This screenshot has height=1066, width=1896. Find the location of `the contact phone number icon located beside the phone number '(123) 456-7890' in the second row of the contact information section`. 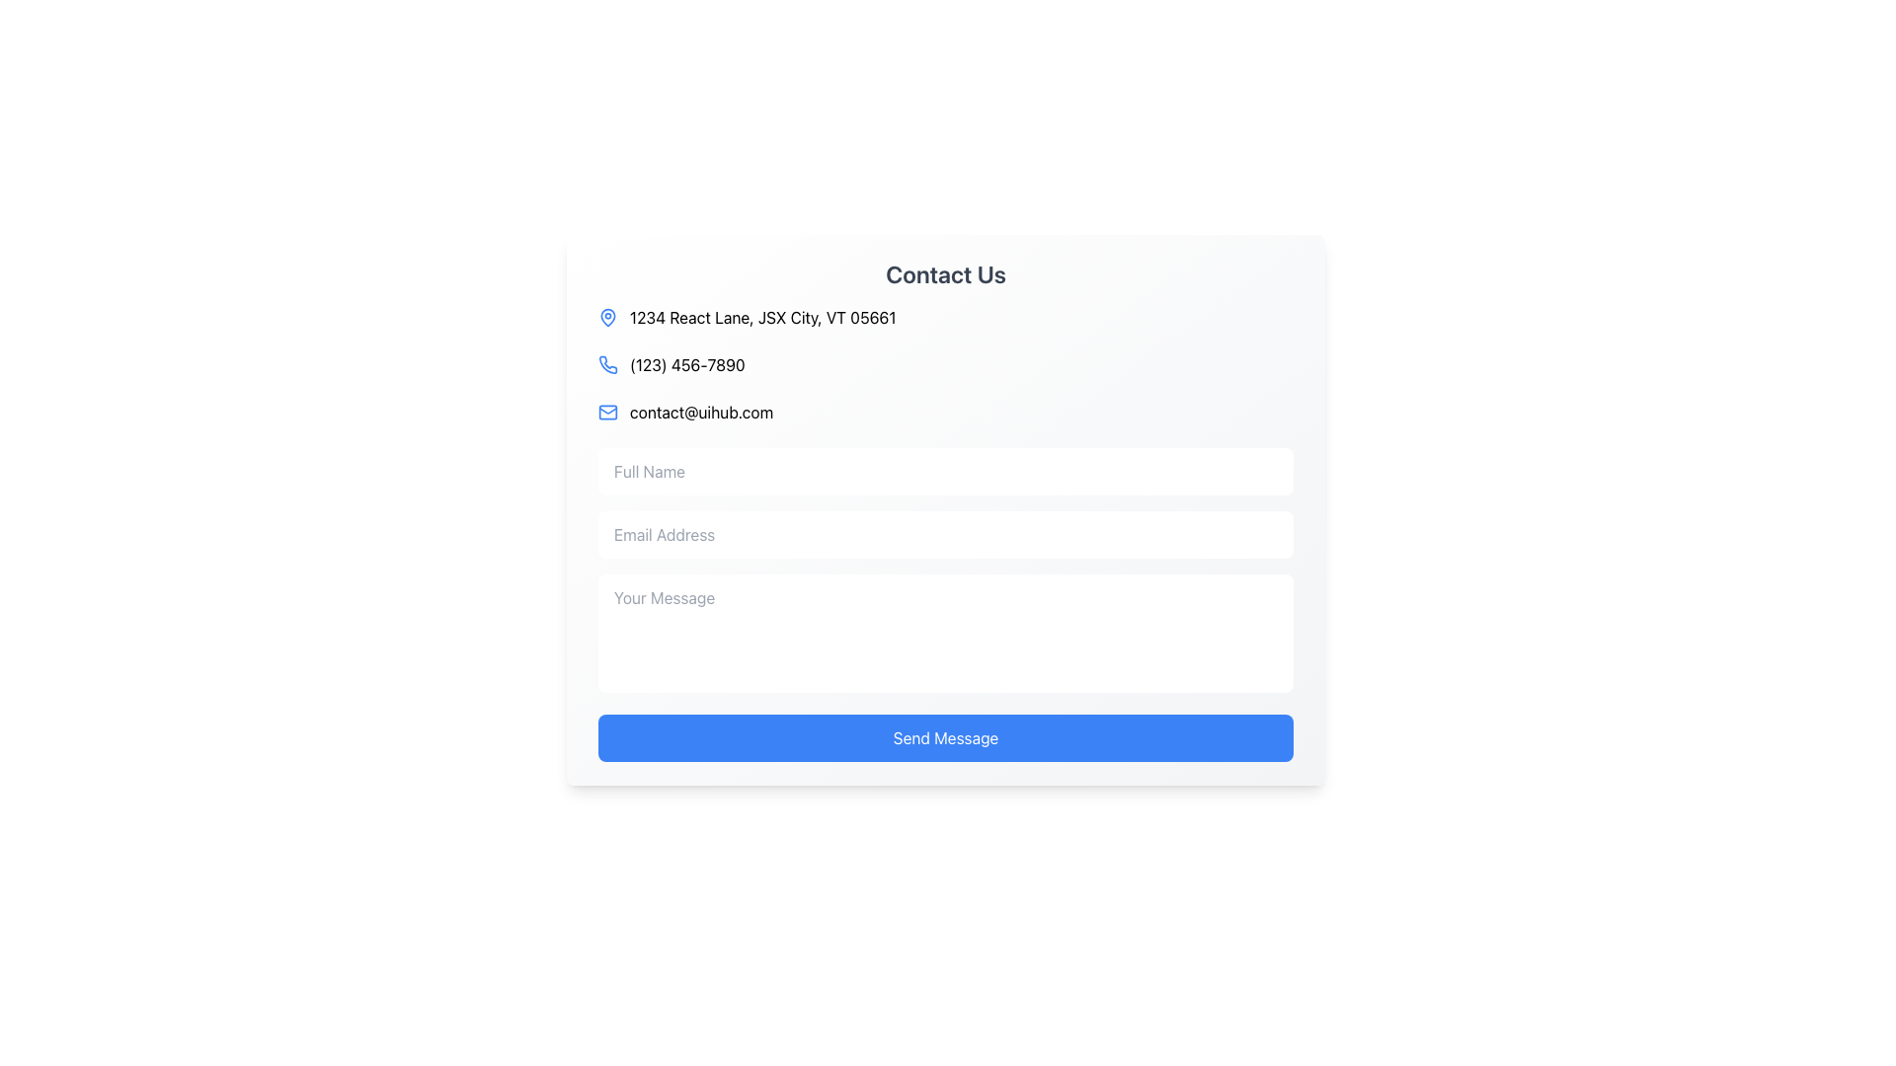

the contact phone number icon located beside the phone number '(123) 456-7890' in the second row of the contact information section is located at coordinates (607, 365).